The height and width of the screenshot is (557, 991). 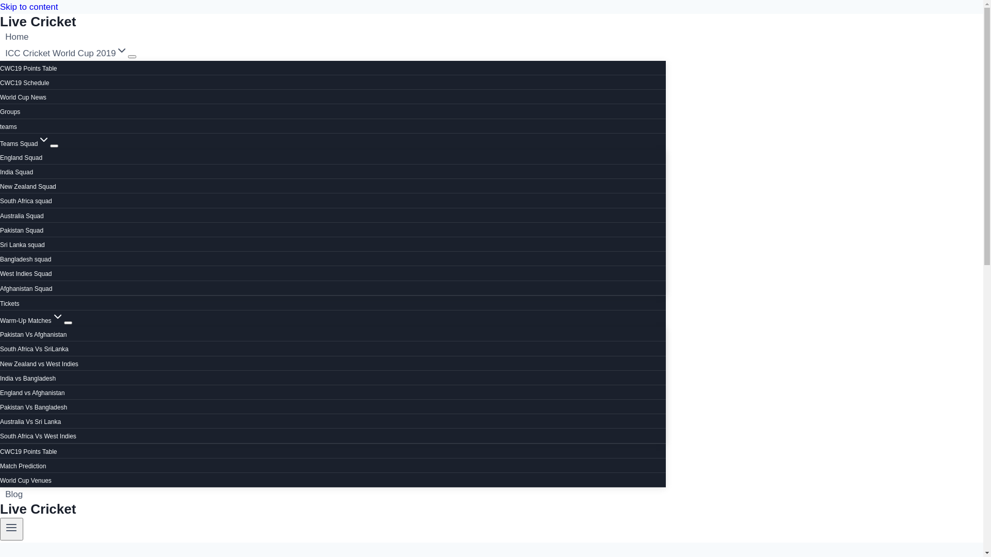 What do you see at coordinates (23, 466) in the screenshot?
I see `'Match Prediction'` at bounding box center [23, 466].